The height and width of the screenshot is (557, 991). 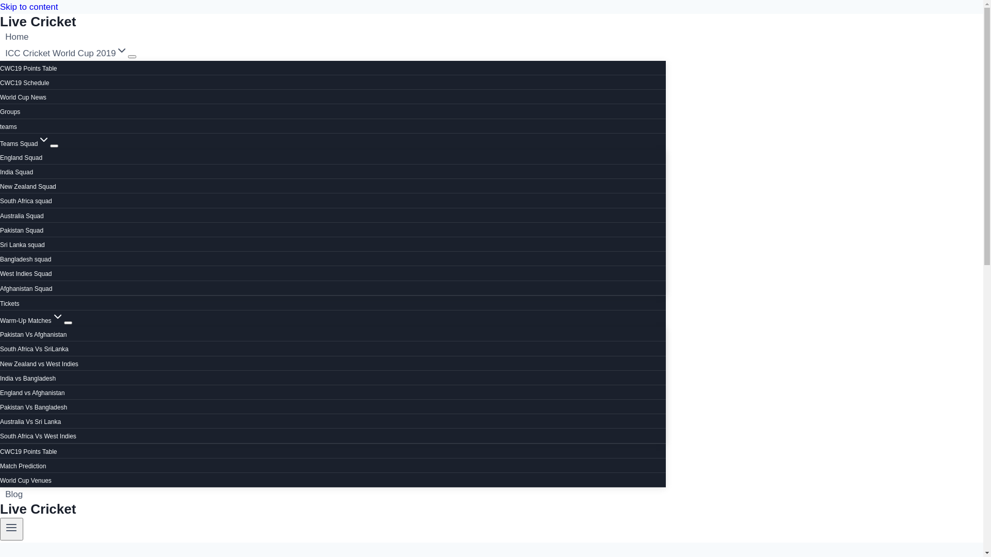 What do you see at coordinates (23, 466) in the screenshot?
I see `'Match Prediction'` at bounding box center [23, 466].